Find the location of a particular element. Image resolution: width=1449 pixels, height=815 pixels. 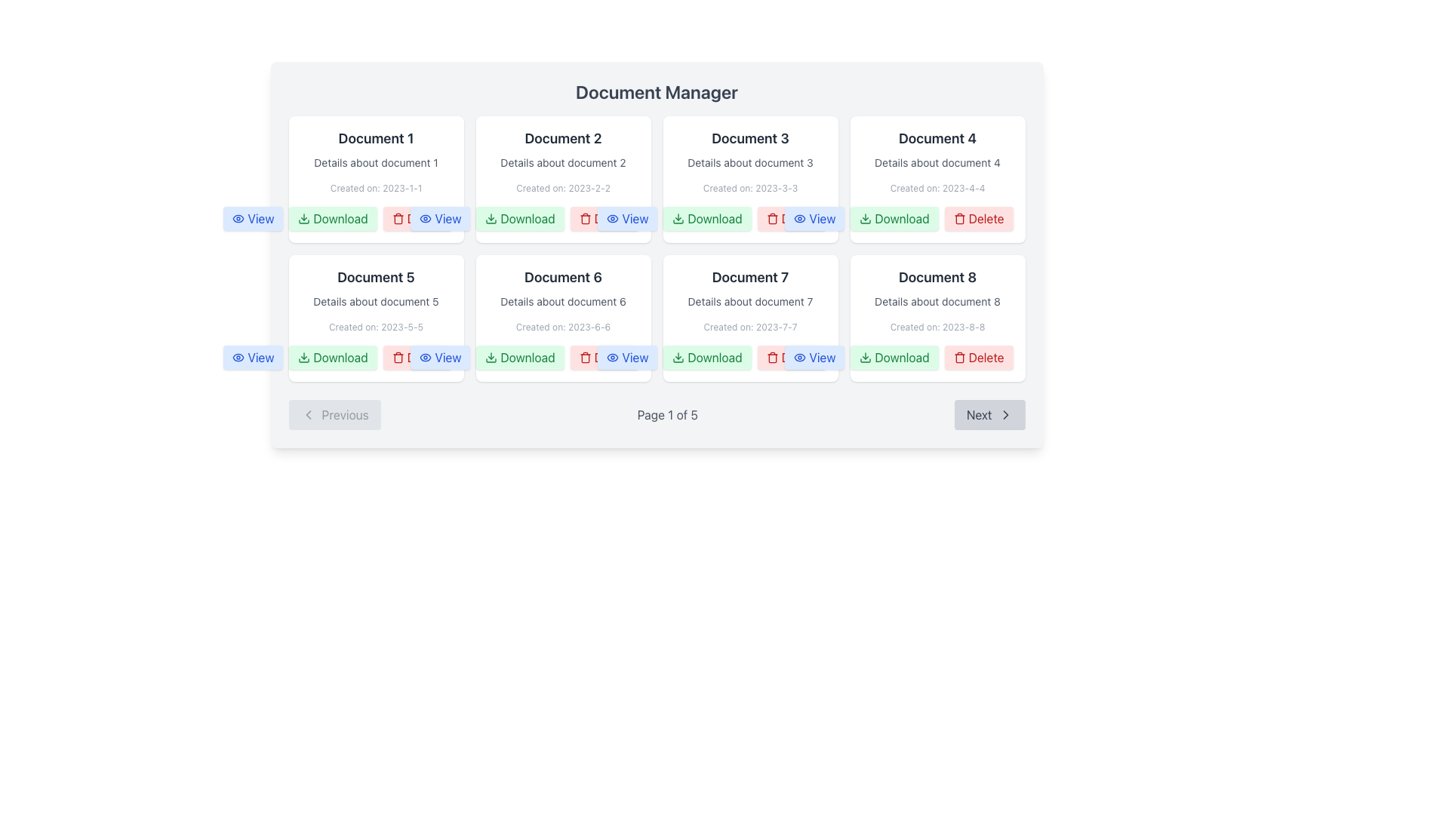

the download icon within the 'Download' button of the 'Document 6' card, located in the second row, second column of the card grid is located at coordinates (491, 358).